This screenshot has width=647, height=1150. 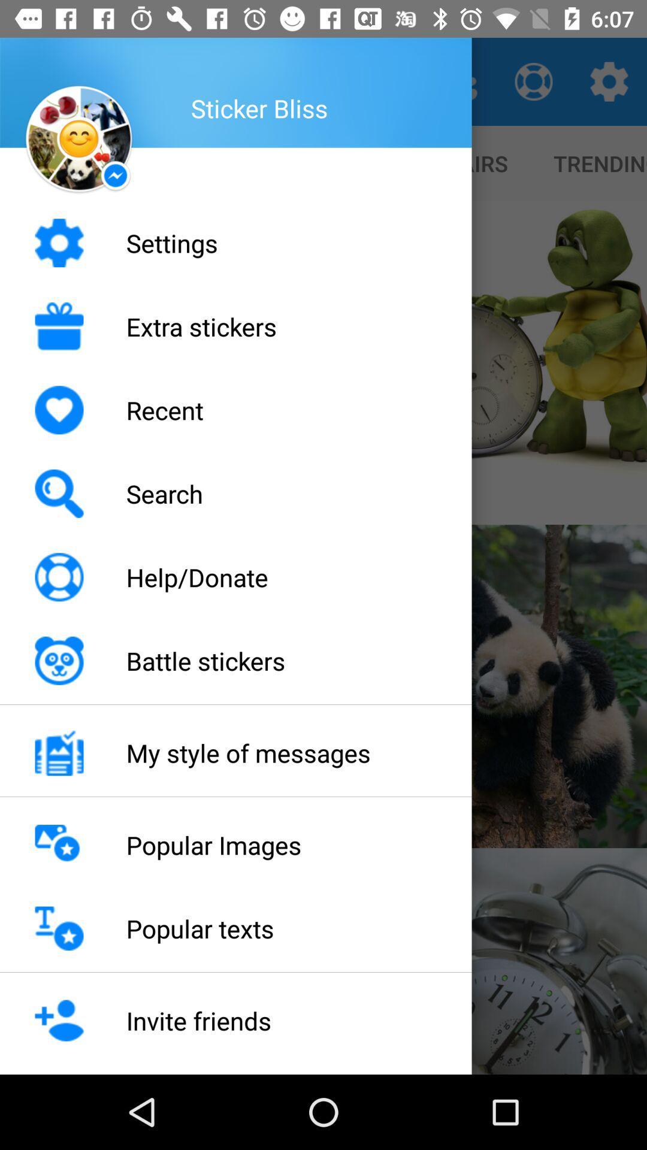 I want to click on the image which is to the left side of the sticker bliss, so click(x=78, y=140).